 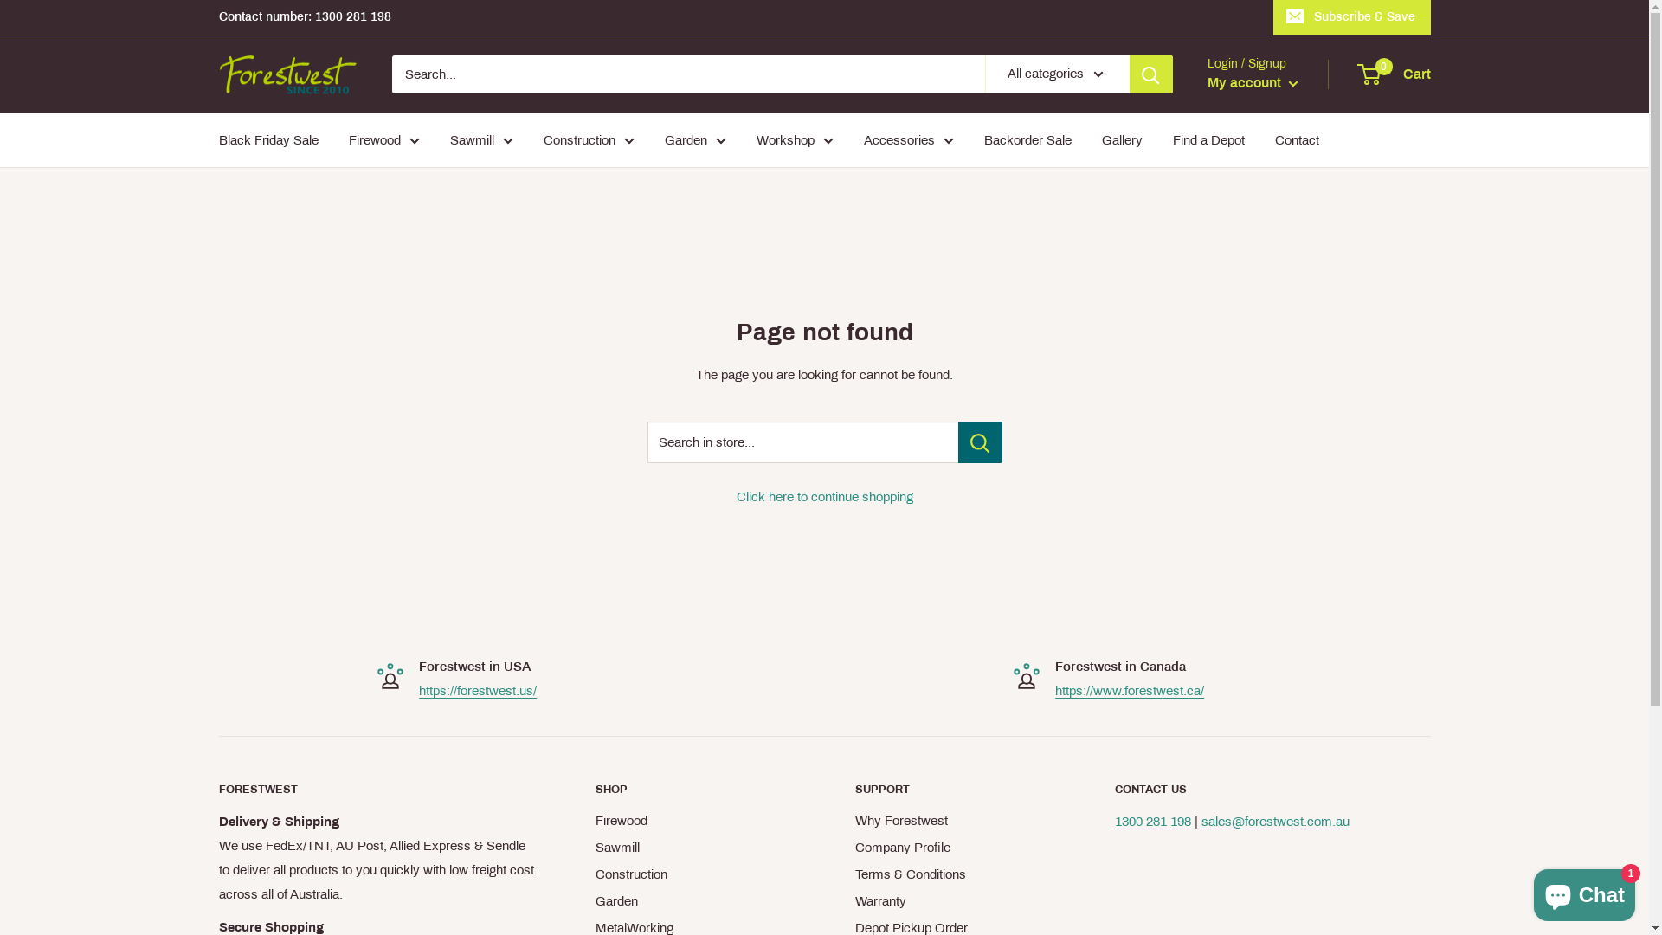 What do you see at coordinates (1130, 690) in the screenshot?
I see `'https://www.forestwest.ca/'` at bounding box center [1130, 690].